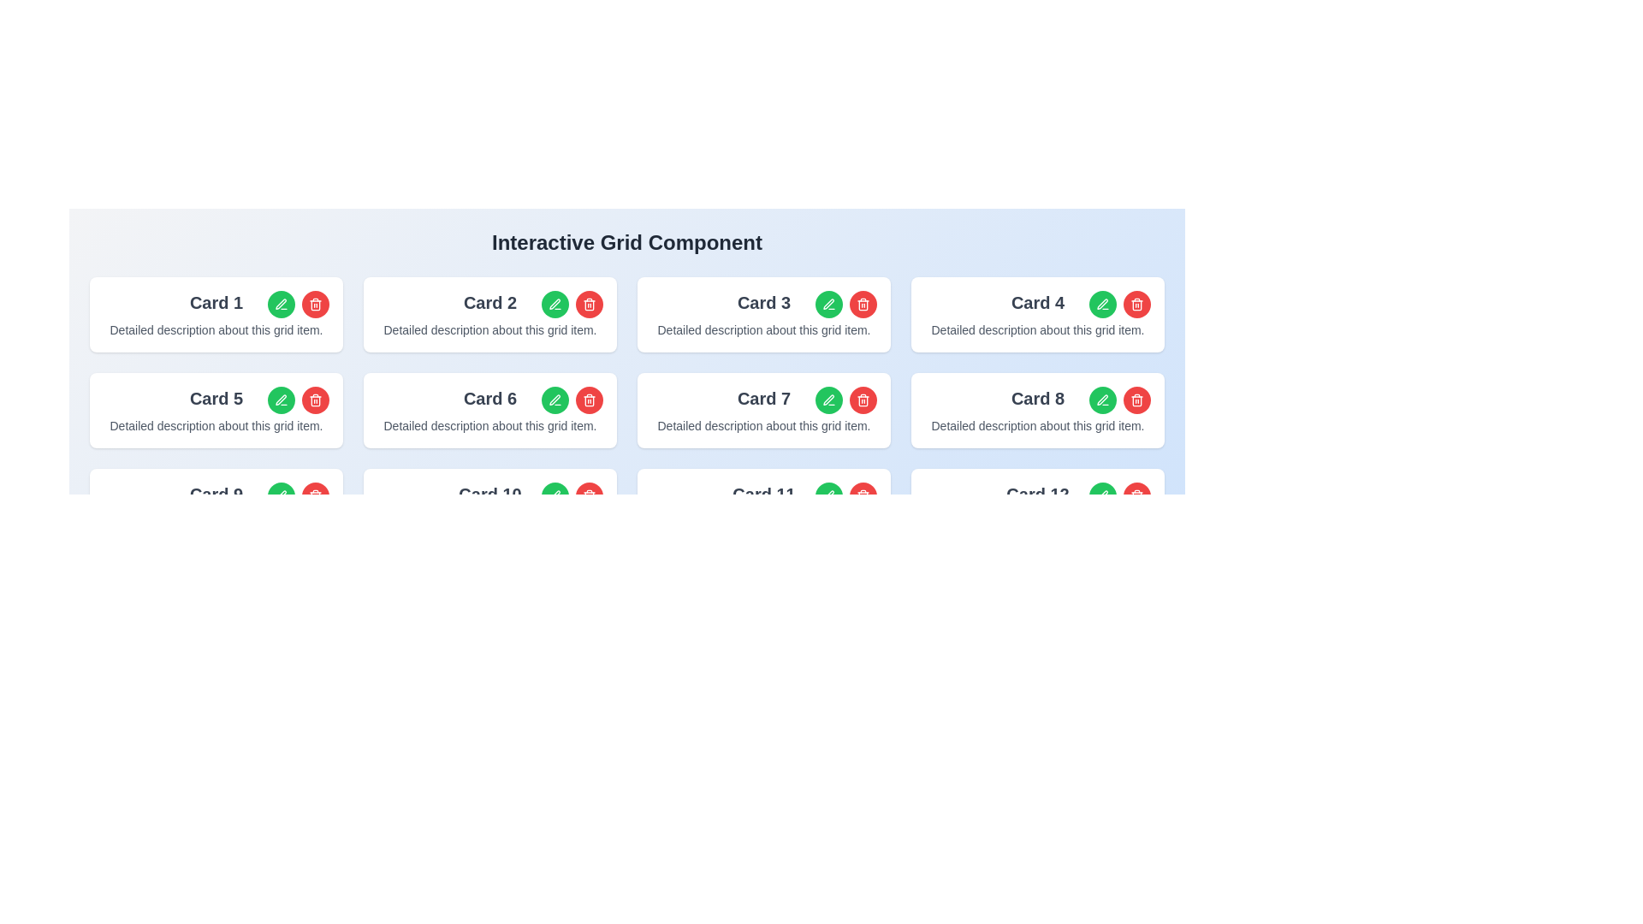 This screenshot has height=924, width=1643. Describe the element at coordinates (829, 303) in the screenshot. I see `the green circular button with a white pen icon located in the top-right corner of 'Card 3' to change its background color` at that location.